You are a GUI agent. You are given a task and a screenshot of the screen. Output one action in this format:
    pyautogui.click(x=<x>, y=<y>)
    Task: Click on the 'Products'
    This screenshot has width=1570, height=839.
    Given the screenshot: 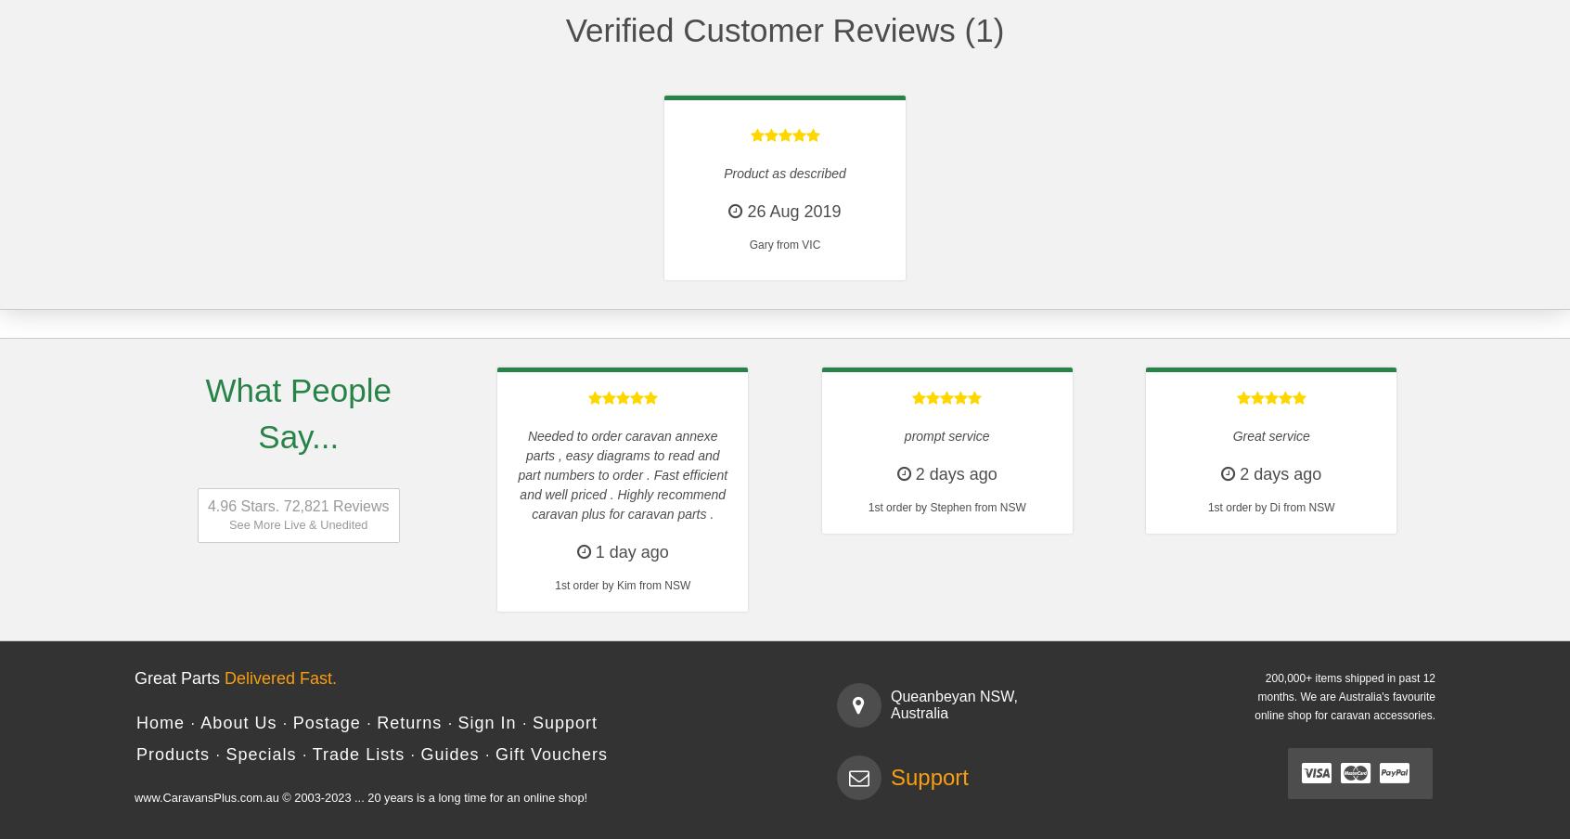 What is the action you would take?
    pyautogui.click(x=172, y=753)
    